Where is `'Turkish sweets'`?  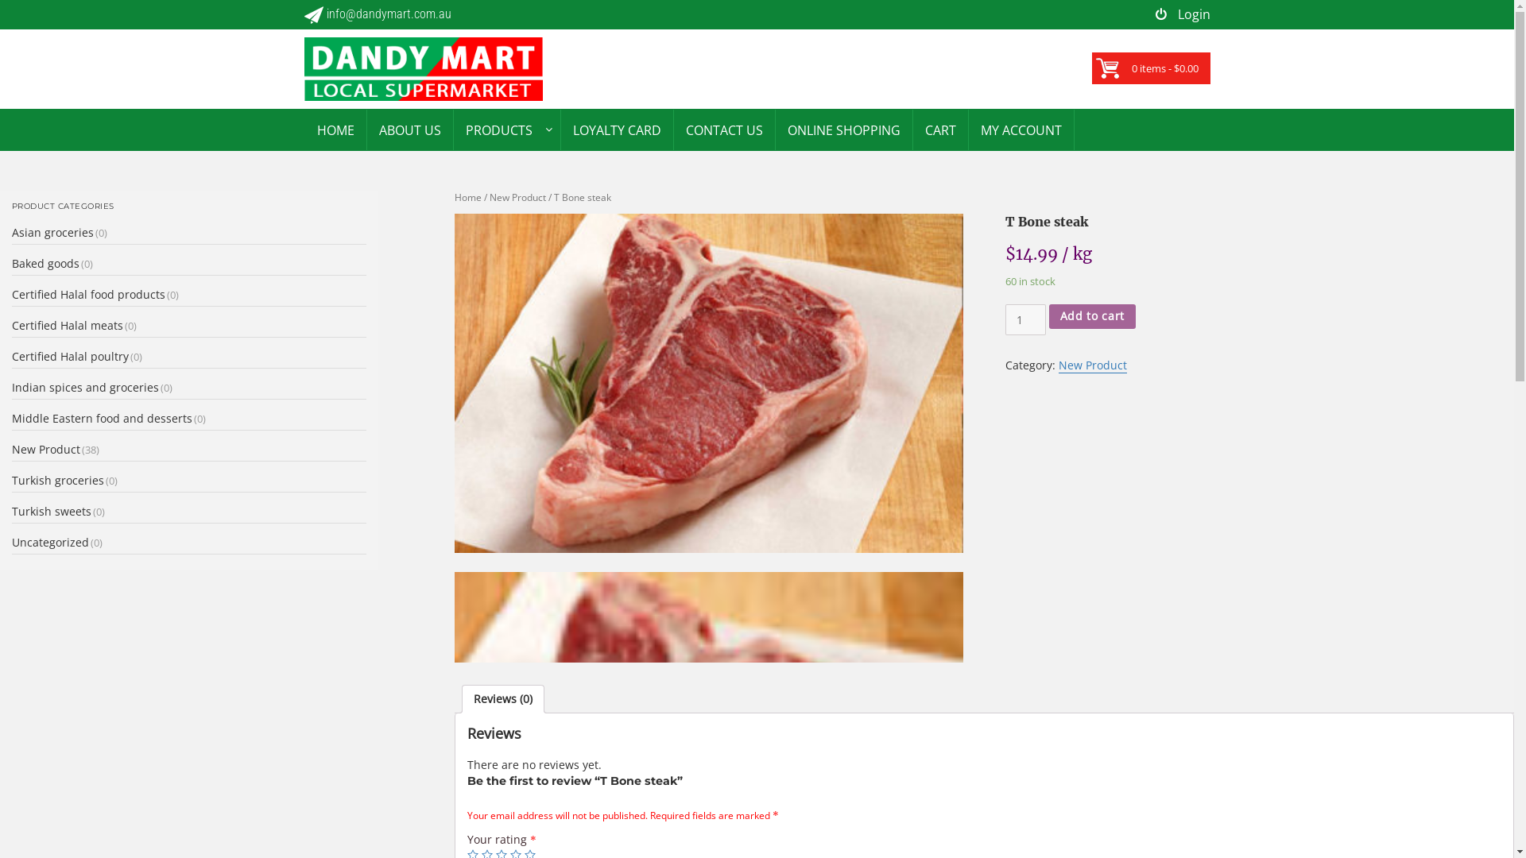 'Turkish sweets' is located at coordinates (11, 511).